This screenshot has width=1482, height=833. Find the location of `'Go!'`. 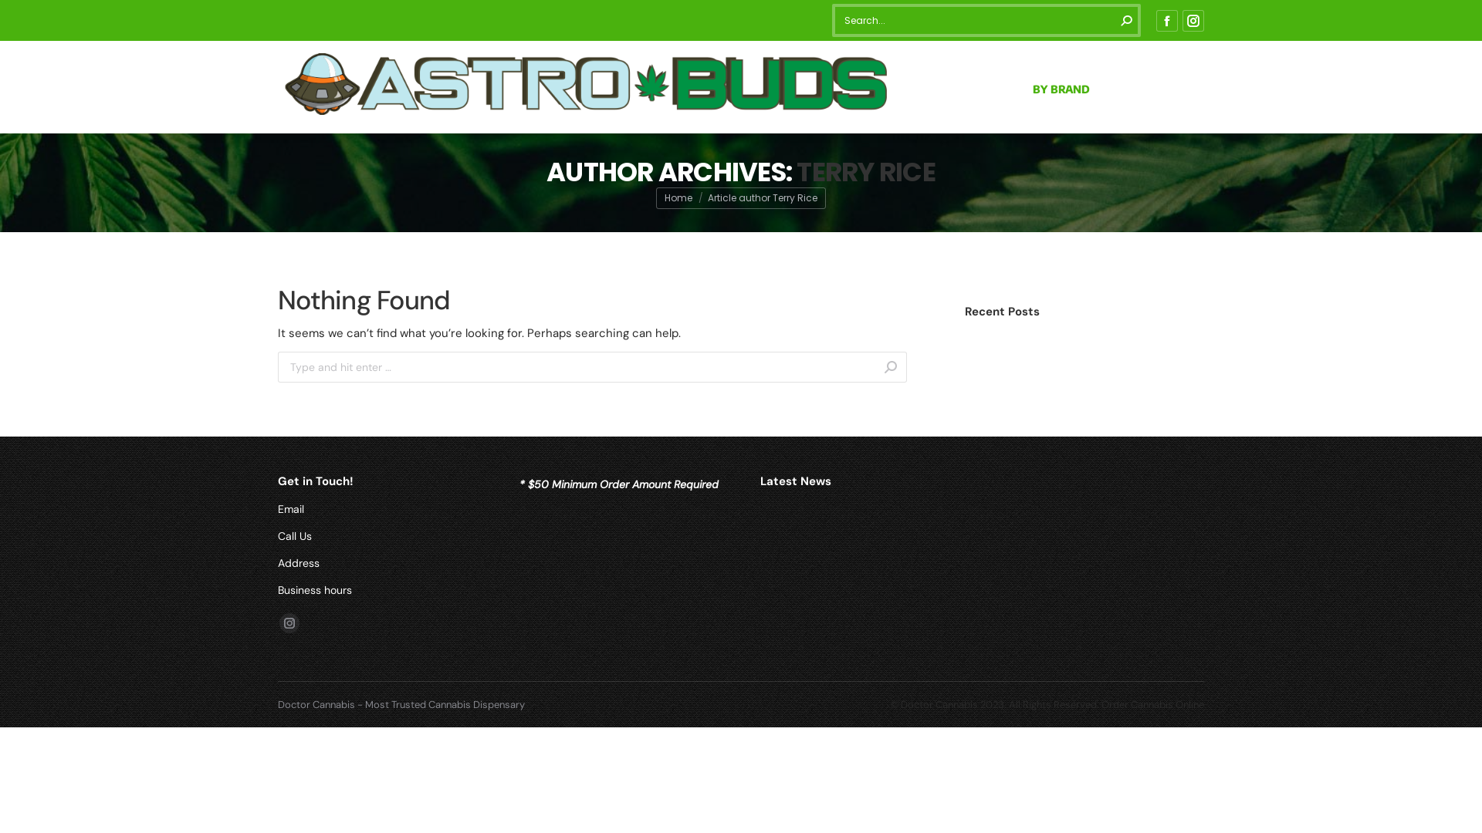

'Go!' is located at coordinates (25, 17).